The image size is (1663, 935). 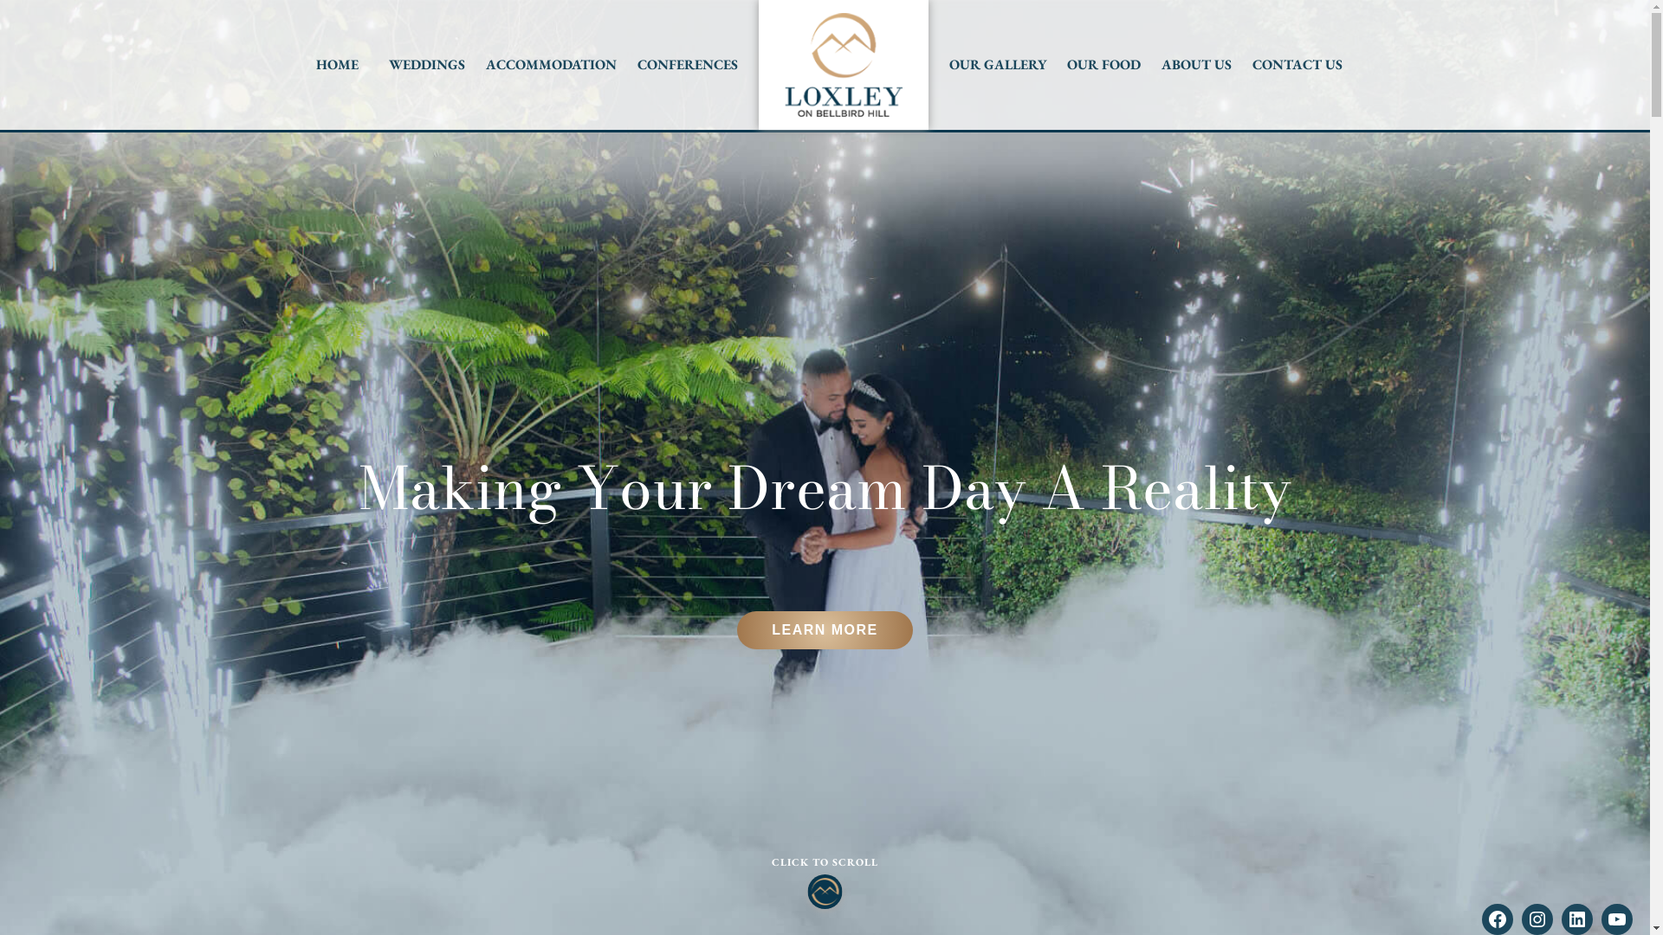 I want to click on 'ACCOMMODATION', so click(x=550, y=63).